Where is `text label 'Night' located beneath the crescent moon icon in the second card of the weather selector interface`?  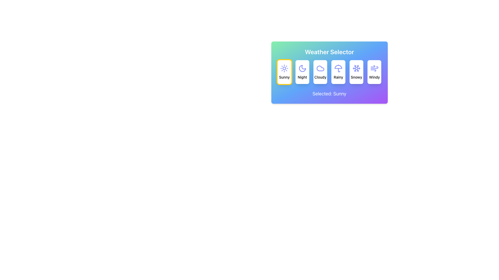 text label 'Night' located beneath the crescent moon icon in the second card of the weather selector interface is located at coordinates (302, 77).